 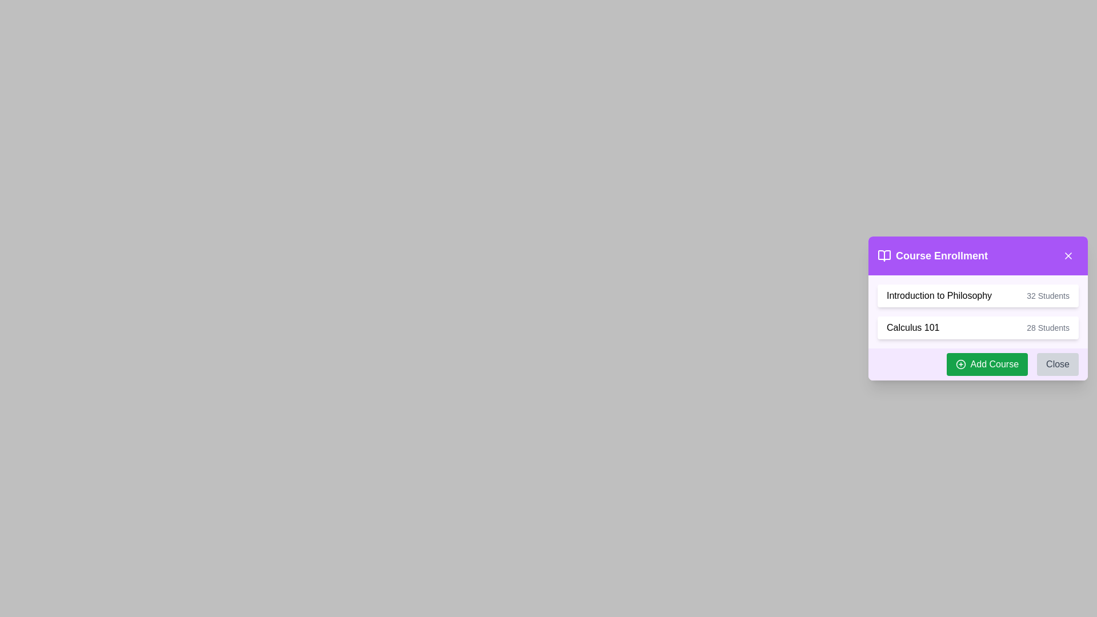 What do you see at coordinates (1068, 255) in the screenshot?
I see `the close button located in the top-right corner of the purple header section of the 'Course Enrollment' dialog` at bounding box center [1068, 255].